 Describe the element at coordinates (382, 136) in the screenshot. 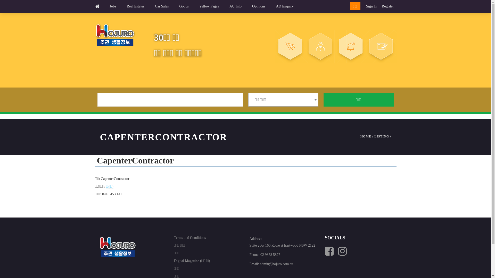

I see `'LISTING'` at that location.